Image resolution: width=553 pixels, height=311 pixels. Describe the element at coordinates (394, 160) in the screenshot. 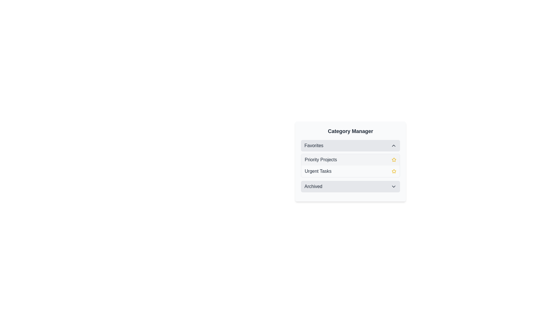

I see `the star icon located to the right of the 'Urgent Tasks' text in the 'Category Manager' section` at that location.